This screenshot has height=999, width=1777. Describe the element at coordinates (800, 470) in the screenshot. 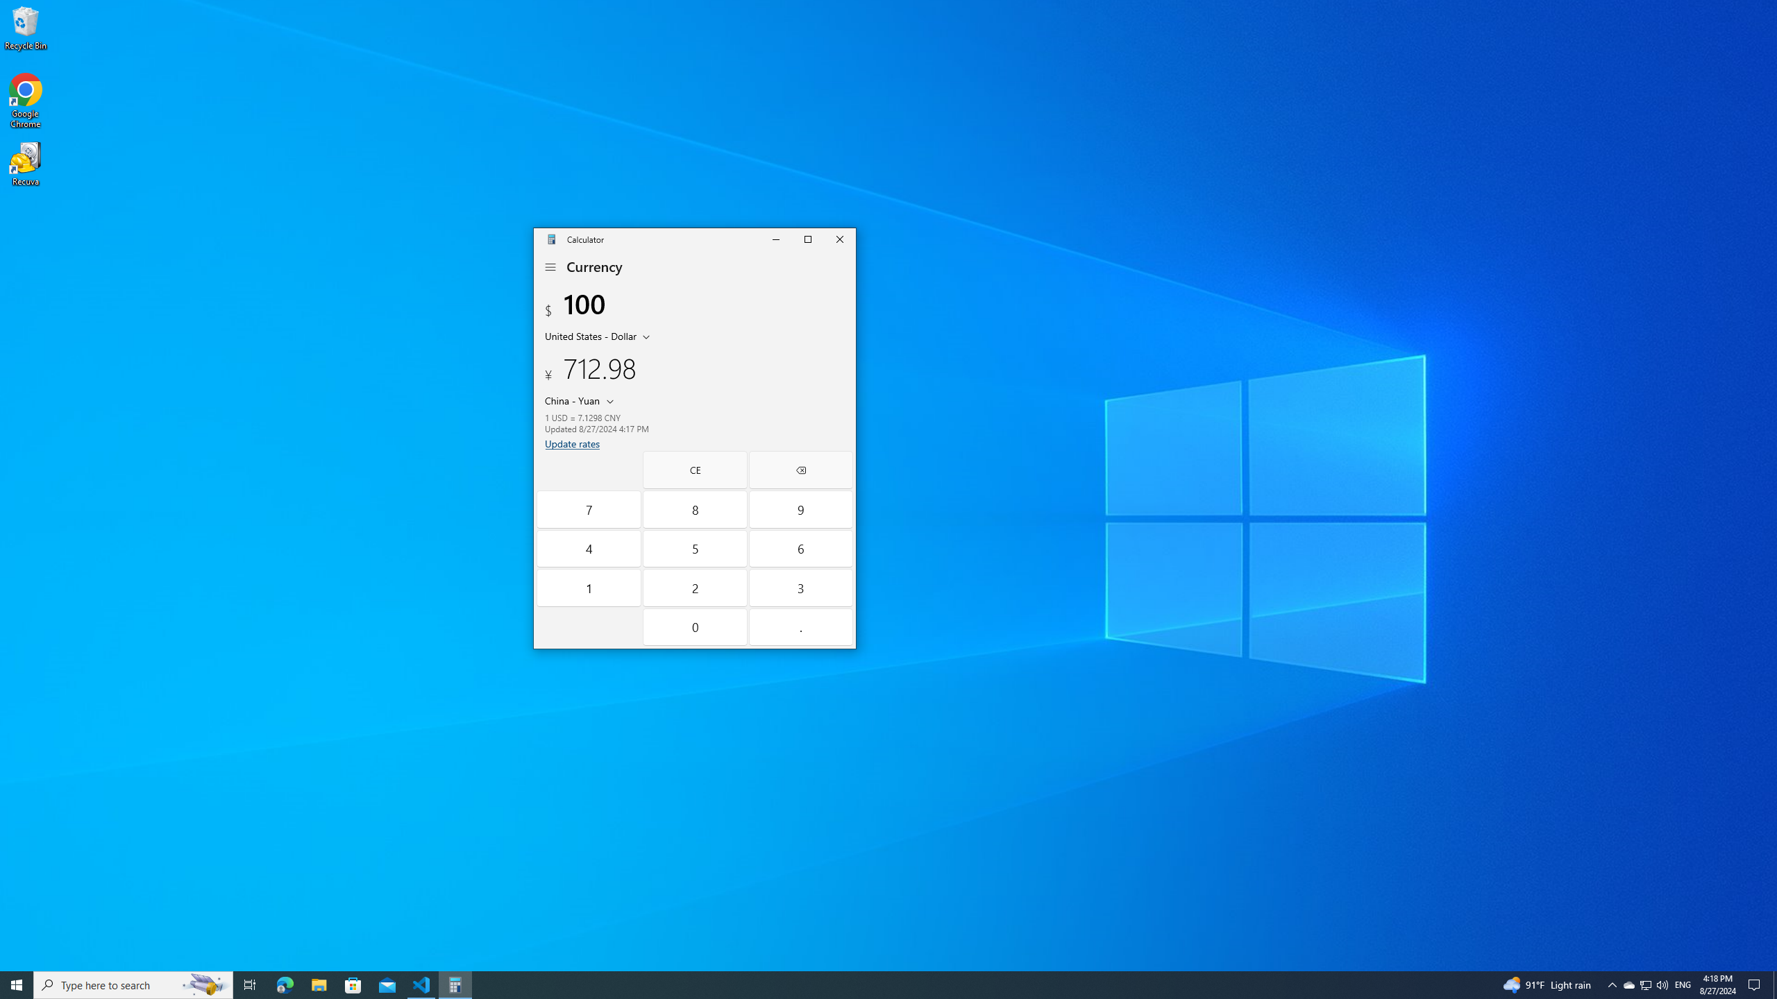

I see `'Backspace'` at that location.